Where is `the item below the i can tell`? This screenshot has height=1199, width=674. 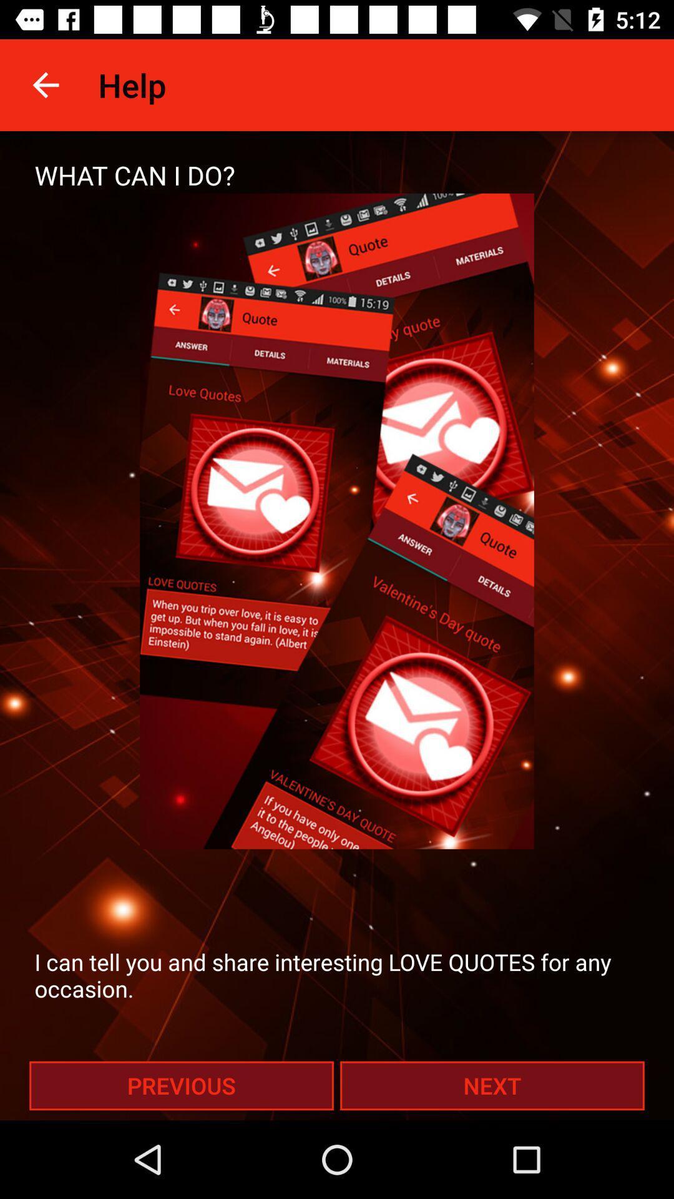
the item below the i can tell is located at coordinates (181, 1085).